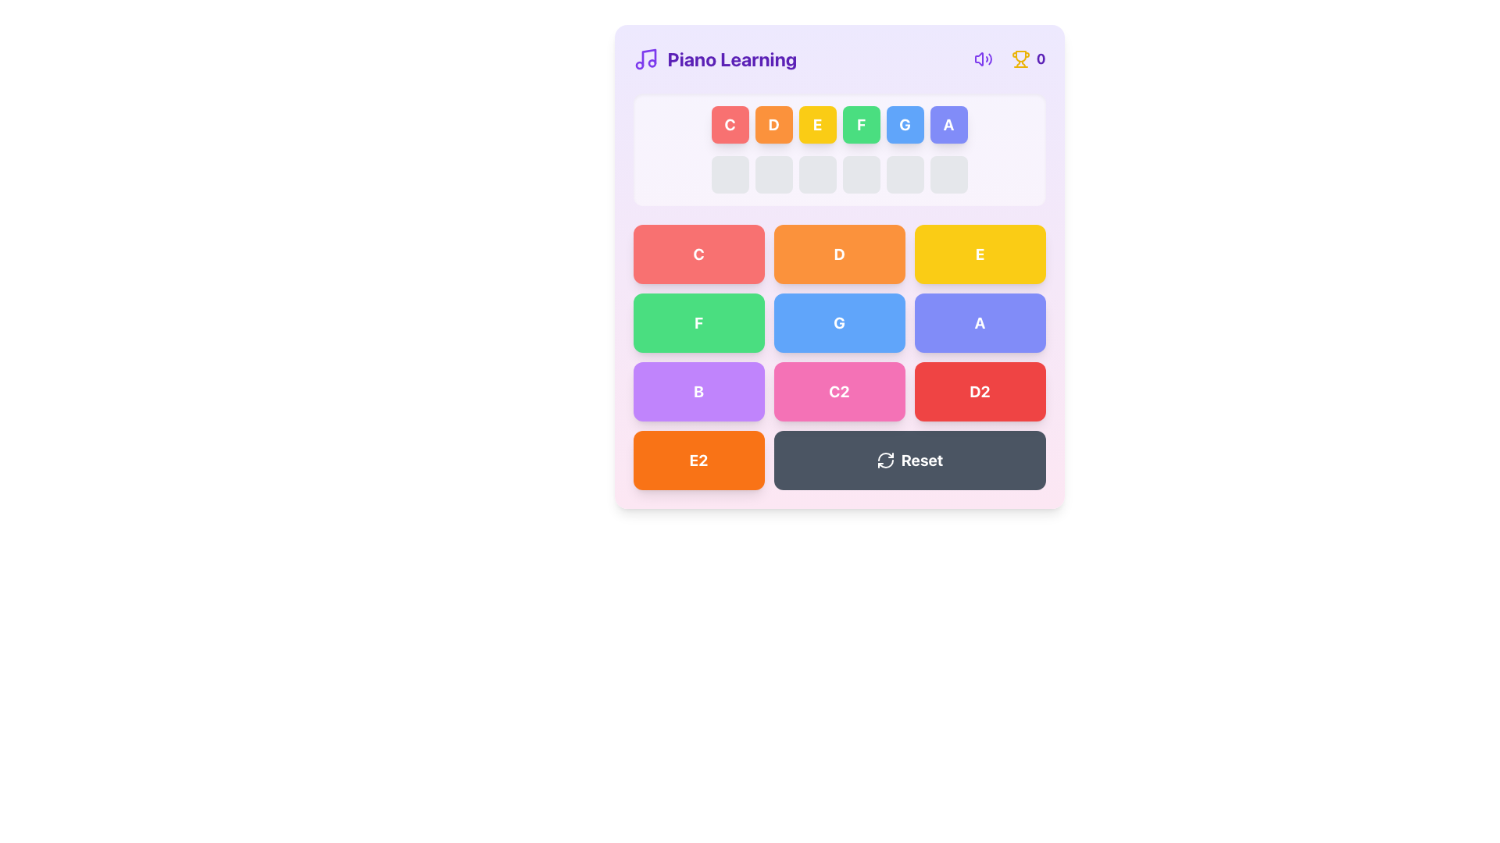 The image size is (1500, 843). What do you see at coordinates (698, 322) in the screenshot?
I see `the interactive button for the note 'F' located in the second row, first column of the grid layout` at bounding box center [698, 322].